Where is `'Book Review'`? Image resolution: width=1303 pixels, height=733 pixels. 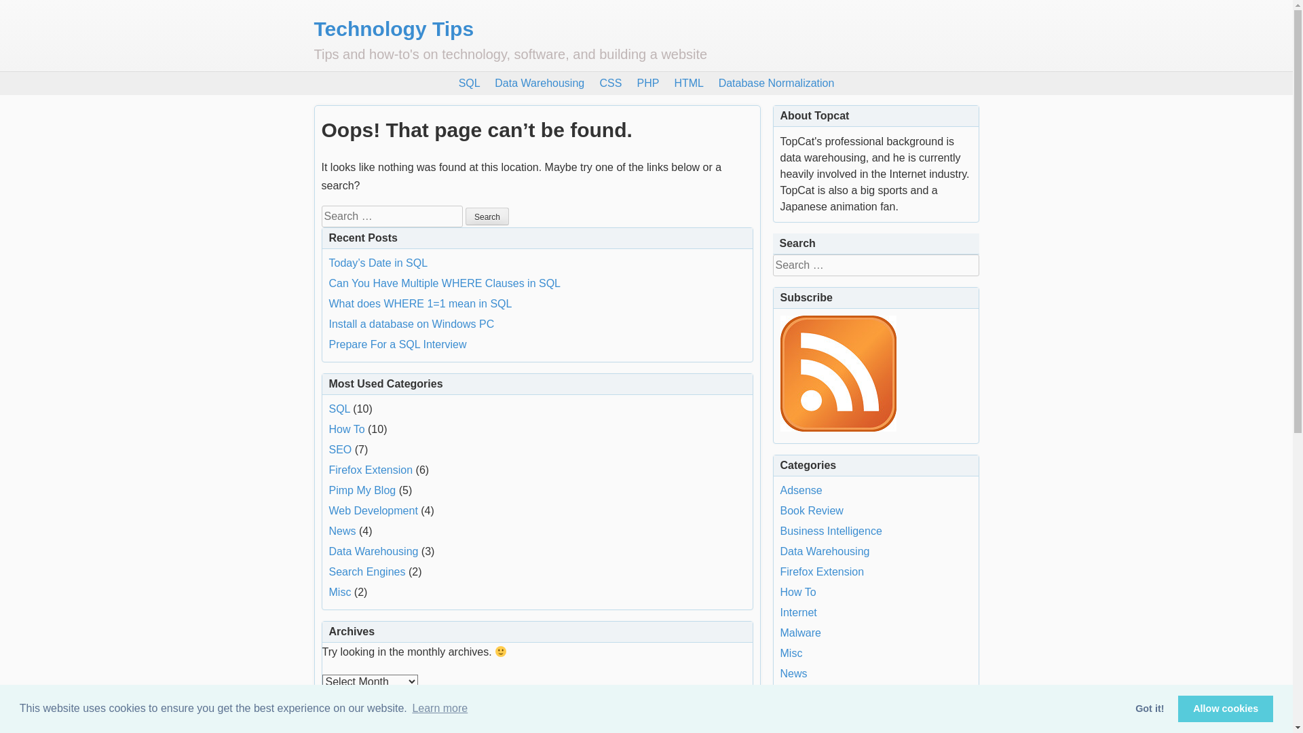
'Book Review' is located at coordinates (812, 510).